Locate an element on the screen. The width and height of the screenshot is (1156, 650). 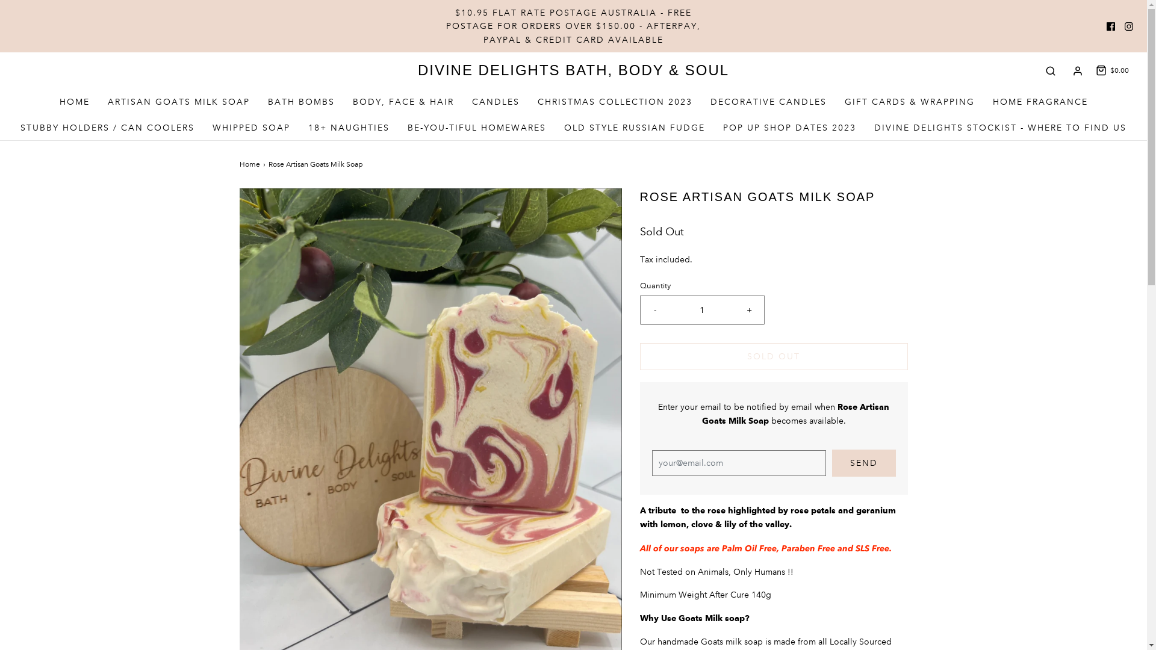
'DECORATIVE CANDLES' is located at coordinates (710, 101).